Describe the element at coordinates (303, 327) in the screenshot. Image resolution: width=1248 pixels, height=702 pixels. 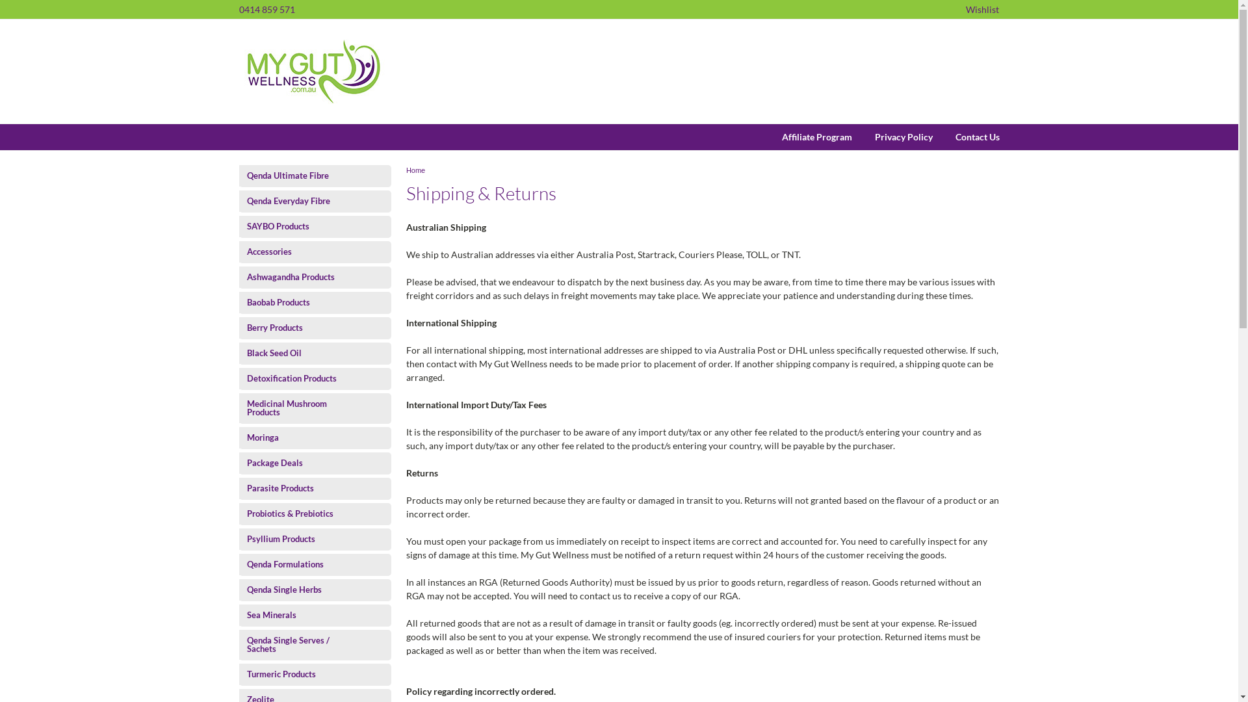
I see `'Berry Products'` at that location.